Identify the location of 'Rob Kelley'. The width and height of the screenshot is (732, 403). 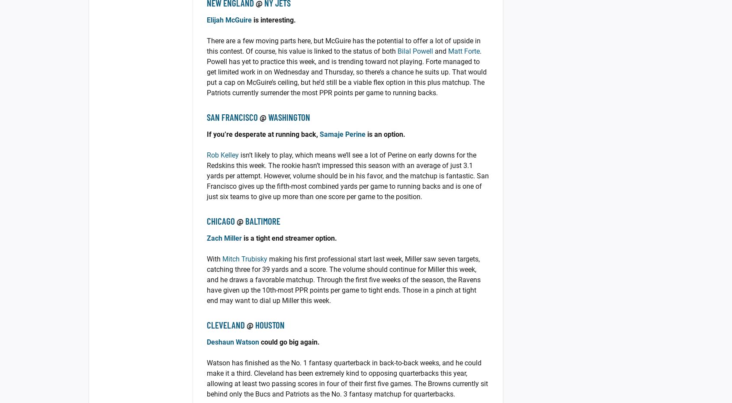
(223, 155).